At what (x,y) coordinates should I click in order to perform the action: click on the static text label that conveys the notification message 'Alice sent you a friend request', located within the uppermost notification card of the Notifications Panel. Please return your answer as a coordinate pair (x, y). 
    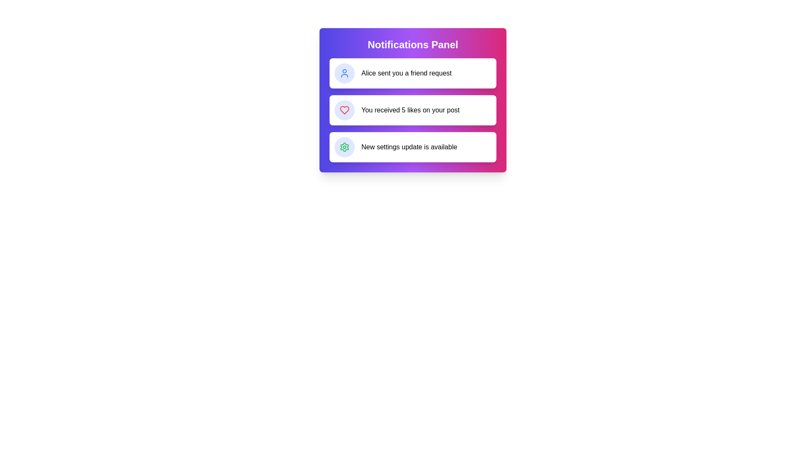
    Looking at the image, I should click on (406, 73).